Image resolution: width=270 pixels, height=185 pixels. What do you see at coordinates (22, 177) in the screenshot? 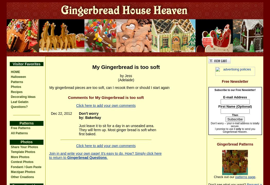
I see `'Other Creations'` at bounding box center [22, 177].